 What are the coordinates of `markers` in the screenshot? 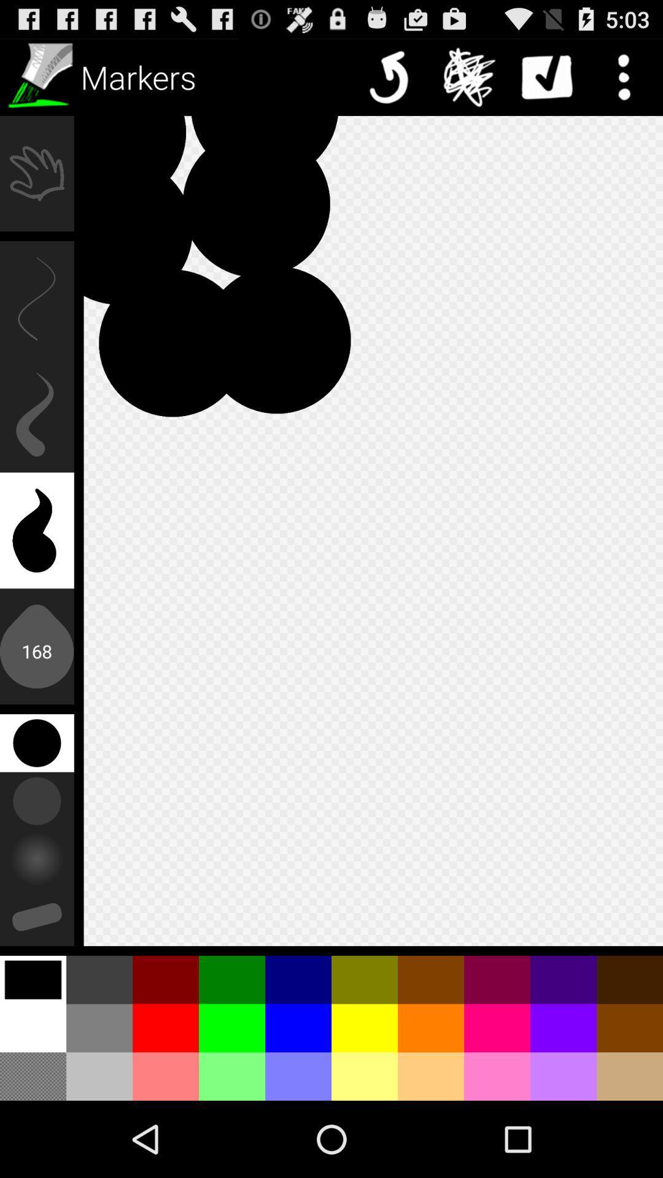 It's located at (37, 76).